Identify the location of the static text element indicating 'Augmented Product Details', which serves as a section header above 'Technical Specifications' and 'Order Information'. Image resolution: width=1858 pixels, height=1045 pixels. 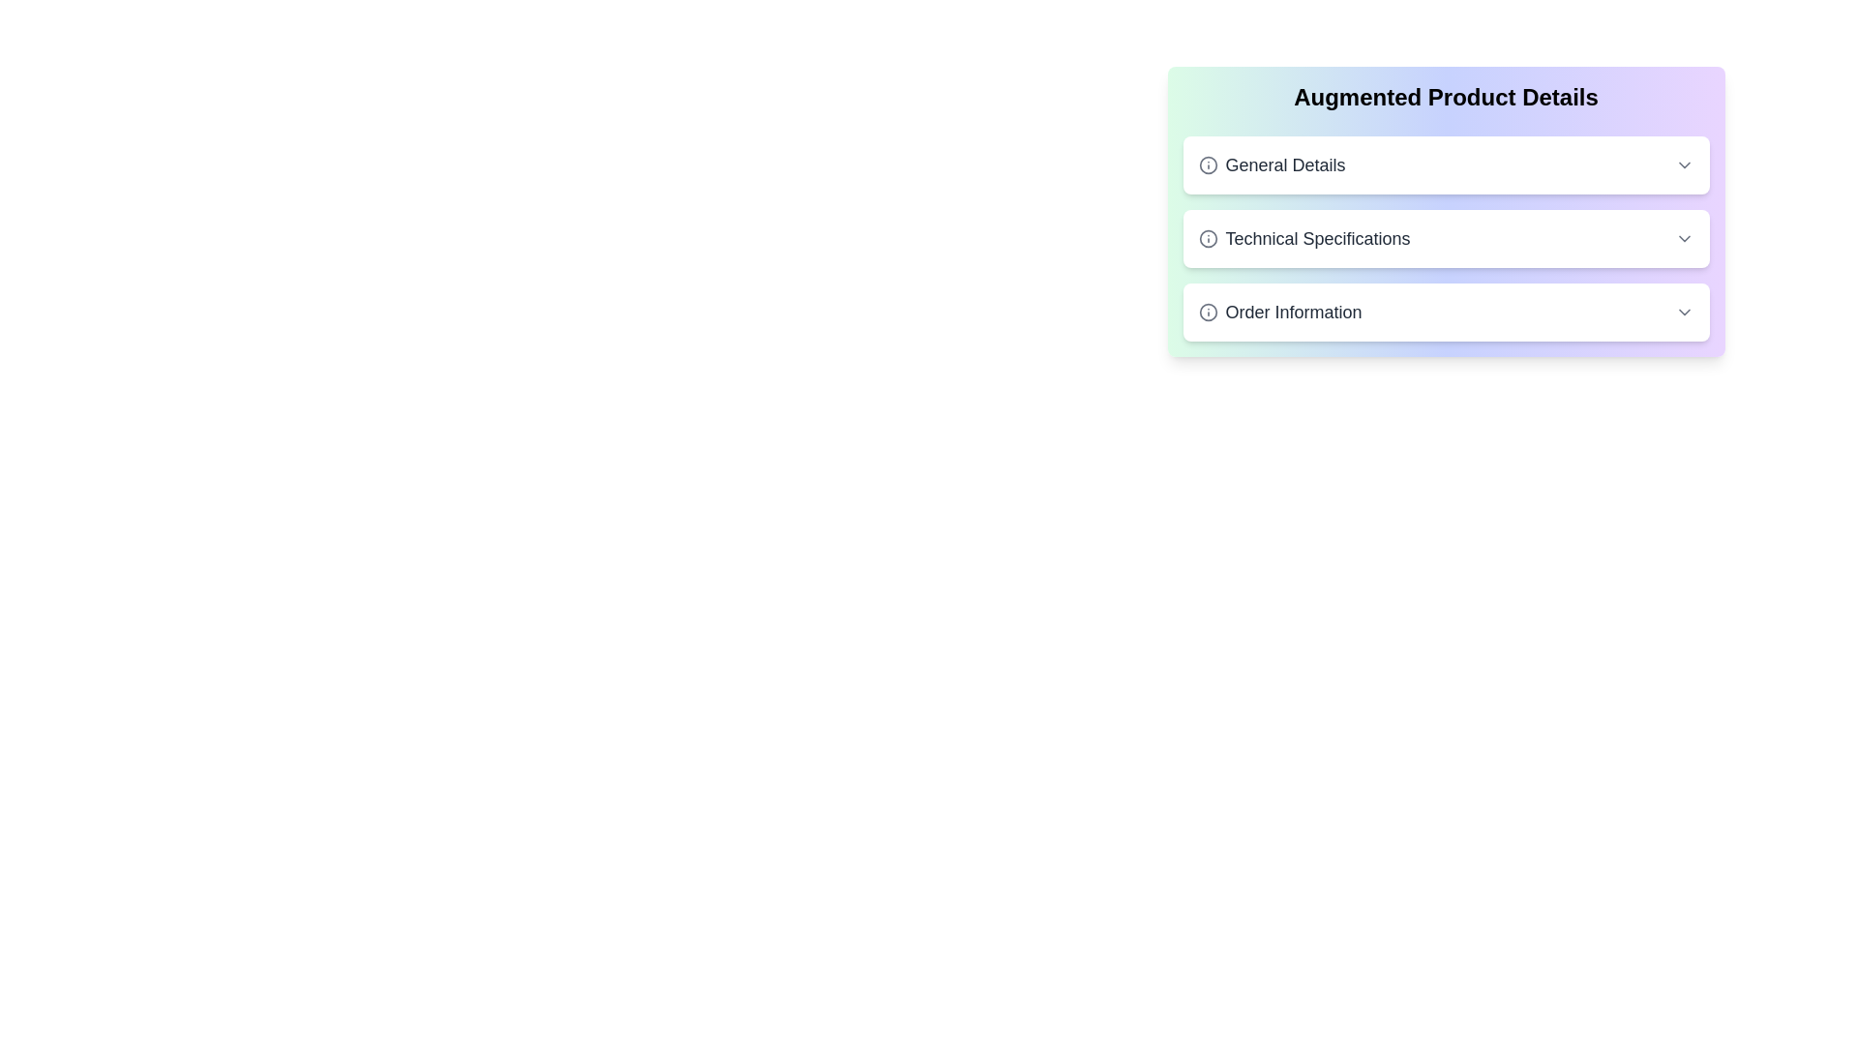
(1272, 164).